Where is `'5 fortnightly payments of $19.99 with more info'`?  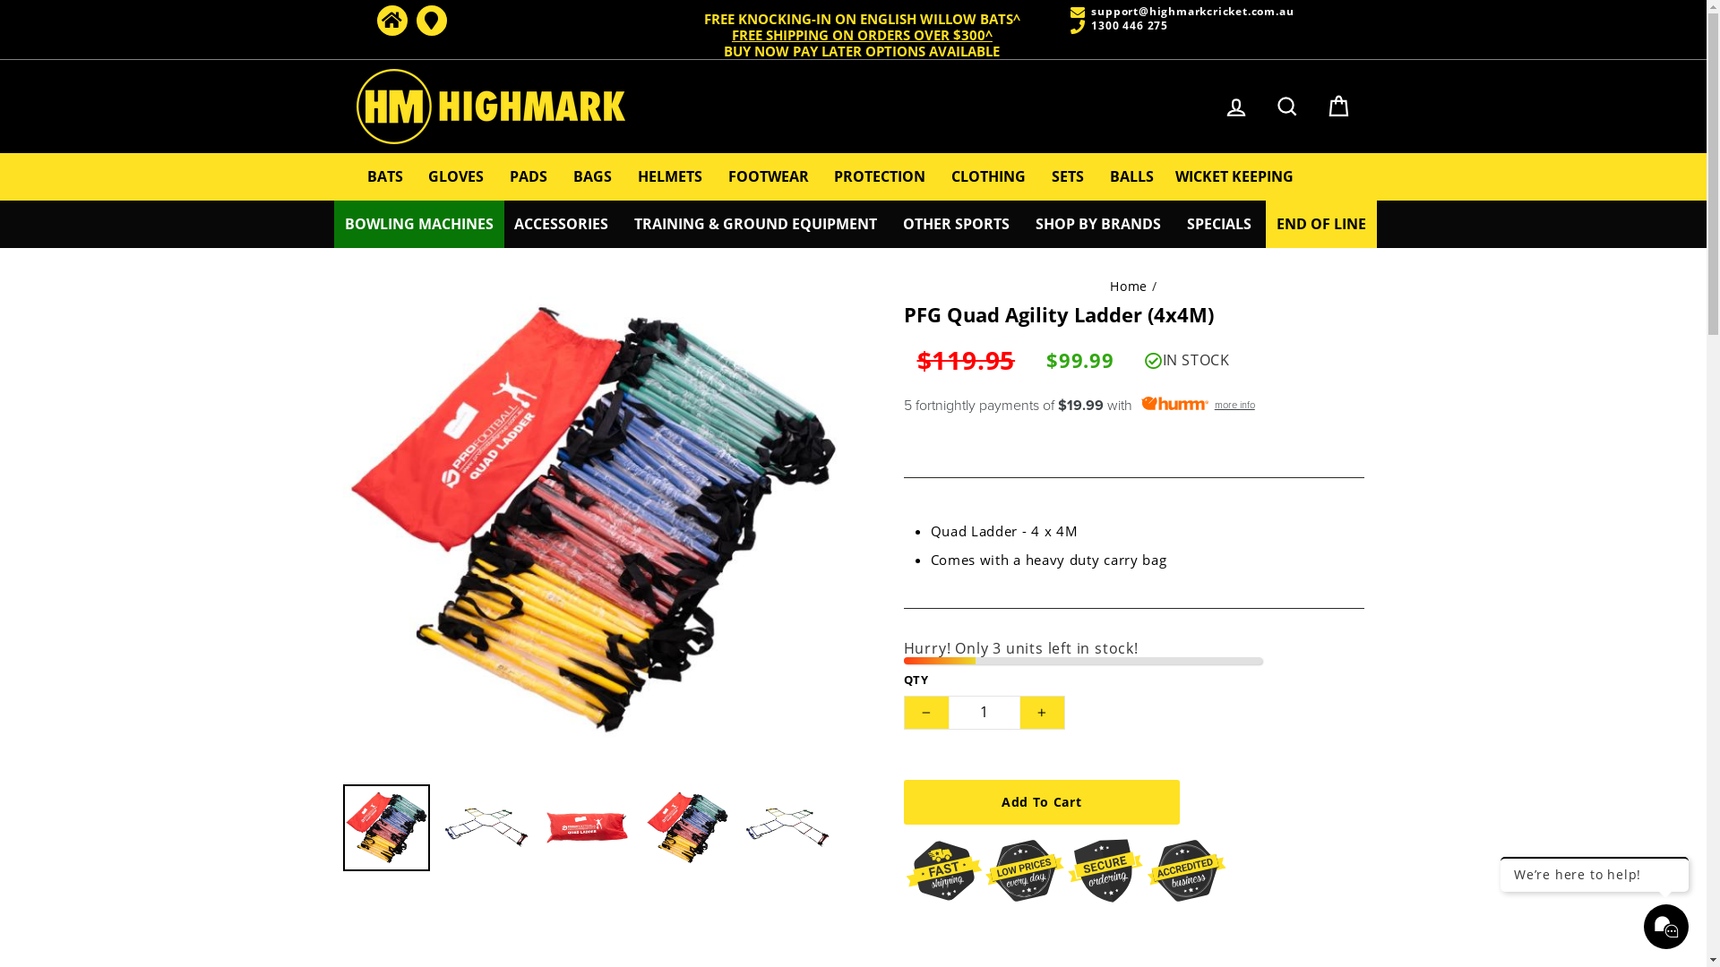 '5 fortnightly payments of $19.99 with more info' is located at coordinates (1132, 405).